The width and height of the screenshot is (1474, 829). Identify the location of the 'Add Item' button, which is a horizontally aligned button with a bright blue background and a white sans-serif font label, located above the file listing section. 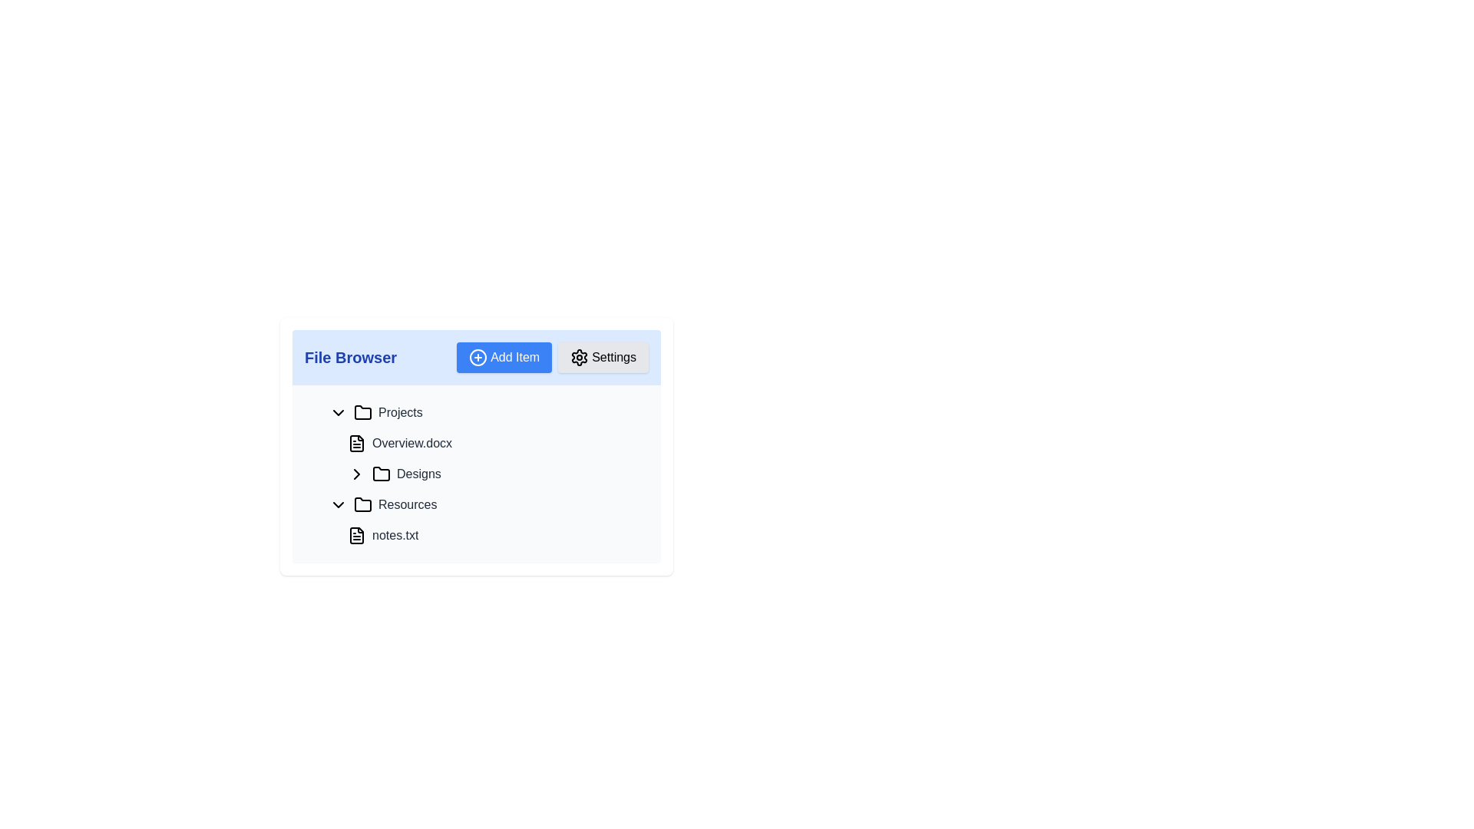
(515, 358).